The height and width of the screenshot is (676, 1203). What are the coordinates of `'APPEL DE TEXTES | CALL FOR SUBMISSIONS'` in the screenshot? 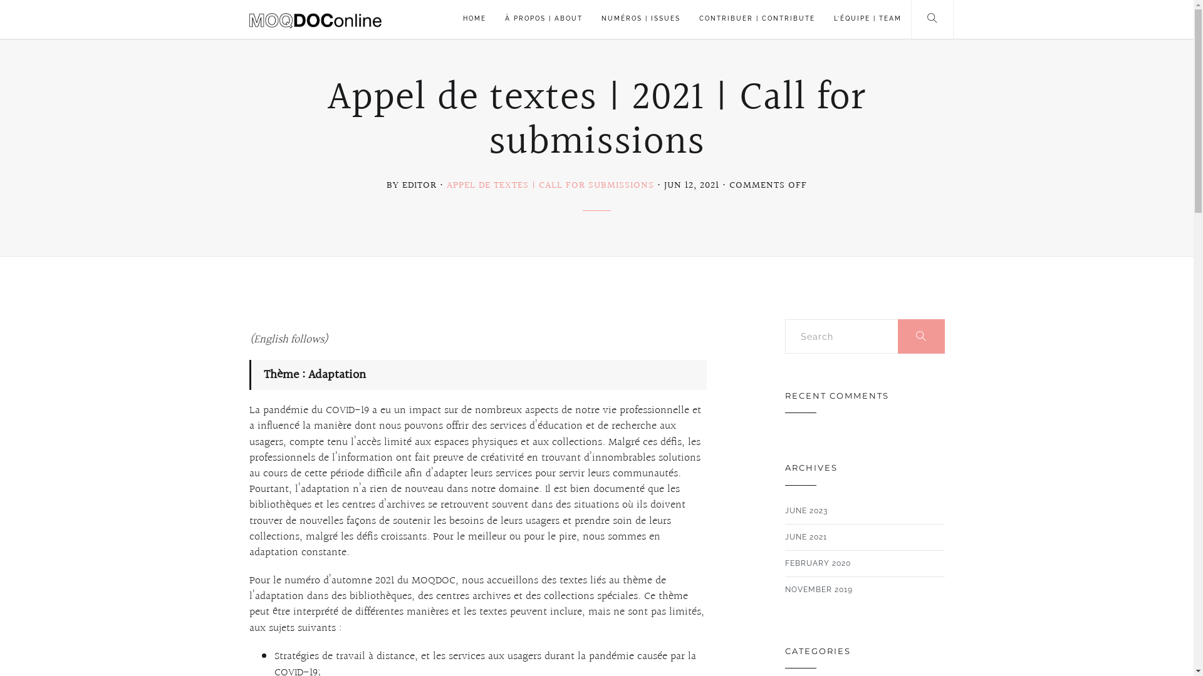 It's located at (550, 185).